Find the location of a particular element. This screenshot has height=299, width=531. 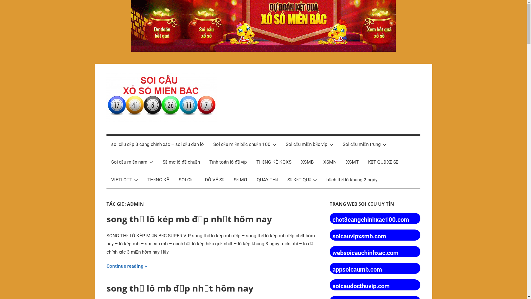

'soicauvipxsmb.com' is located at coordinates (359, 236).